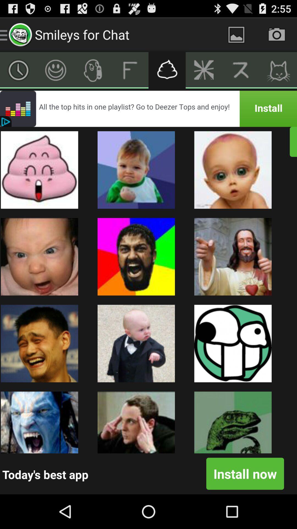  What do you see at coordinates (18, 70) in the screenshot?
I see `clock screen` at bounding box center [18, 70].